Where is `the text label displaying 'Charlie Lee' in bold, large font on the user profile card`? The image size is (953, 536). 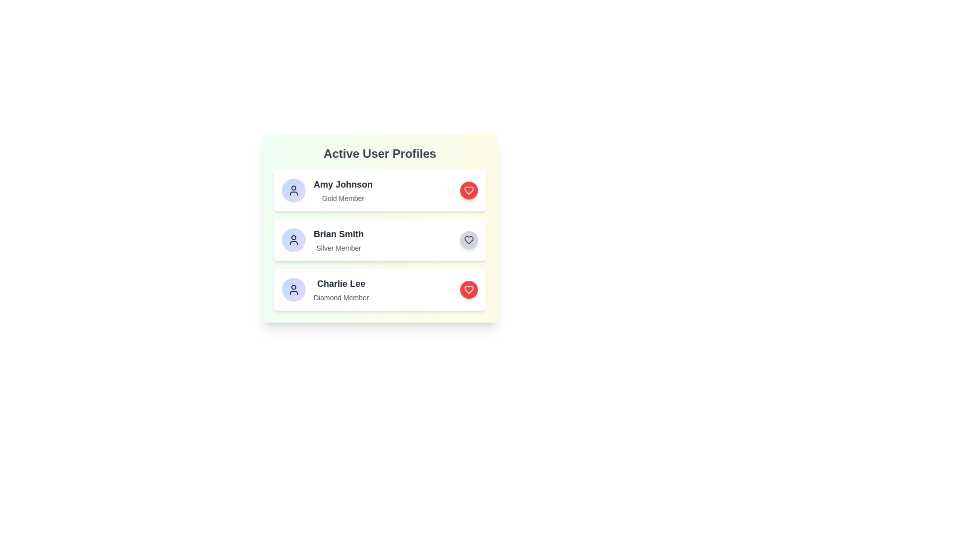
the text label displaying 'Charlie Lee' in bold, large font on the user profile card is located at coordinates (341, 283).